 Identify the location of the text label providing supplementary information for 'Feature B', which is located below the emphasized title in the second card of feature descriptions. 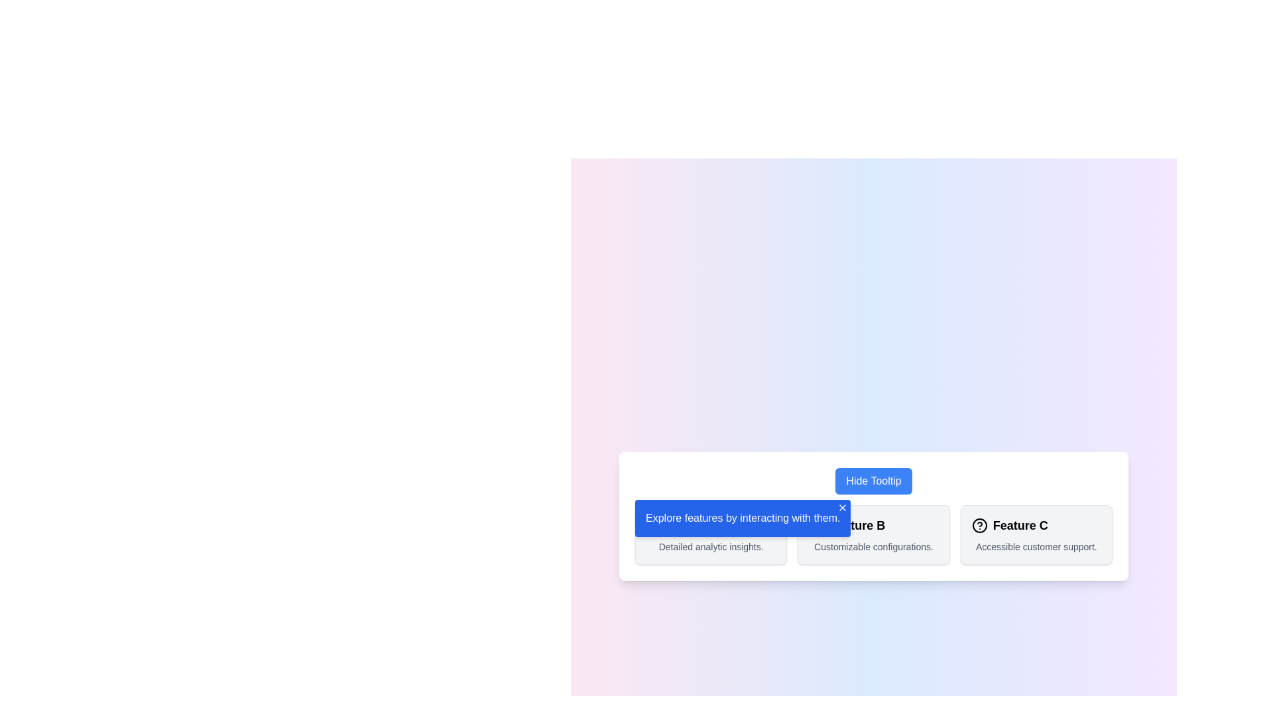
(874, 547).